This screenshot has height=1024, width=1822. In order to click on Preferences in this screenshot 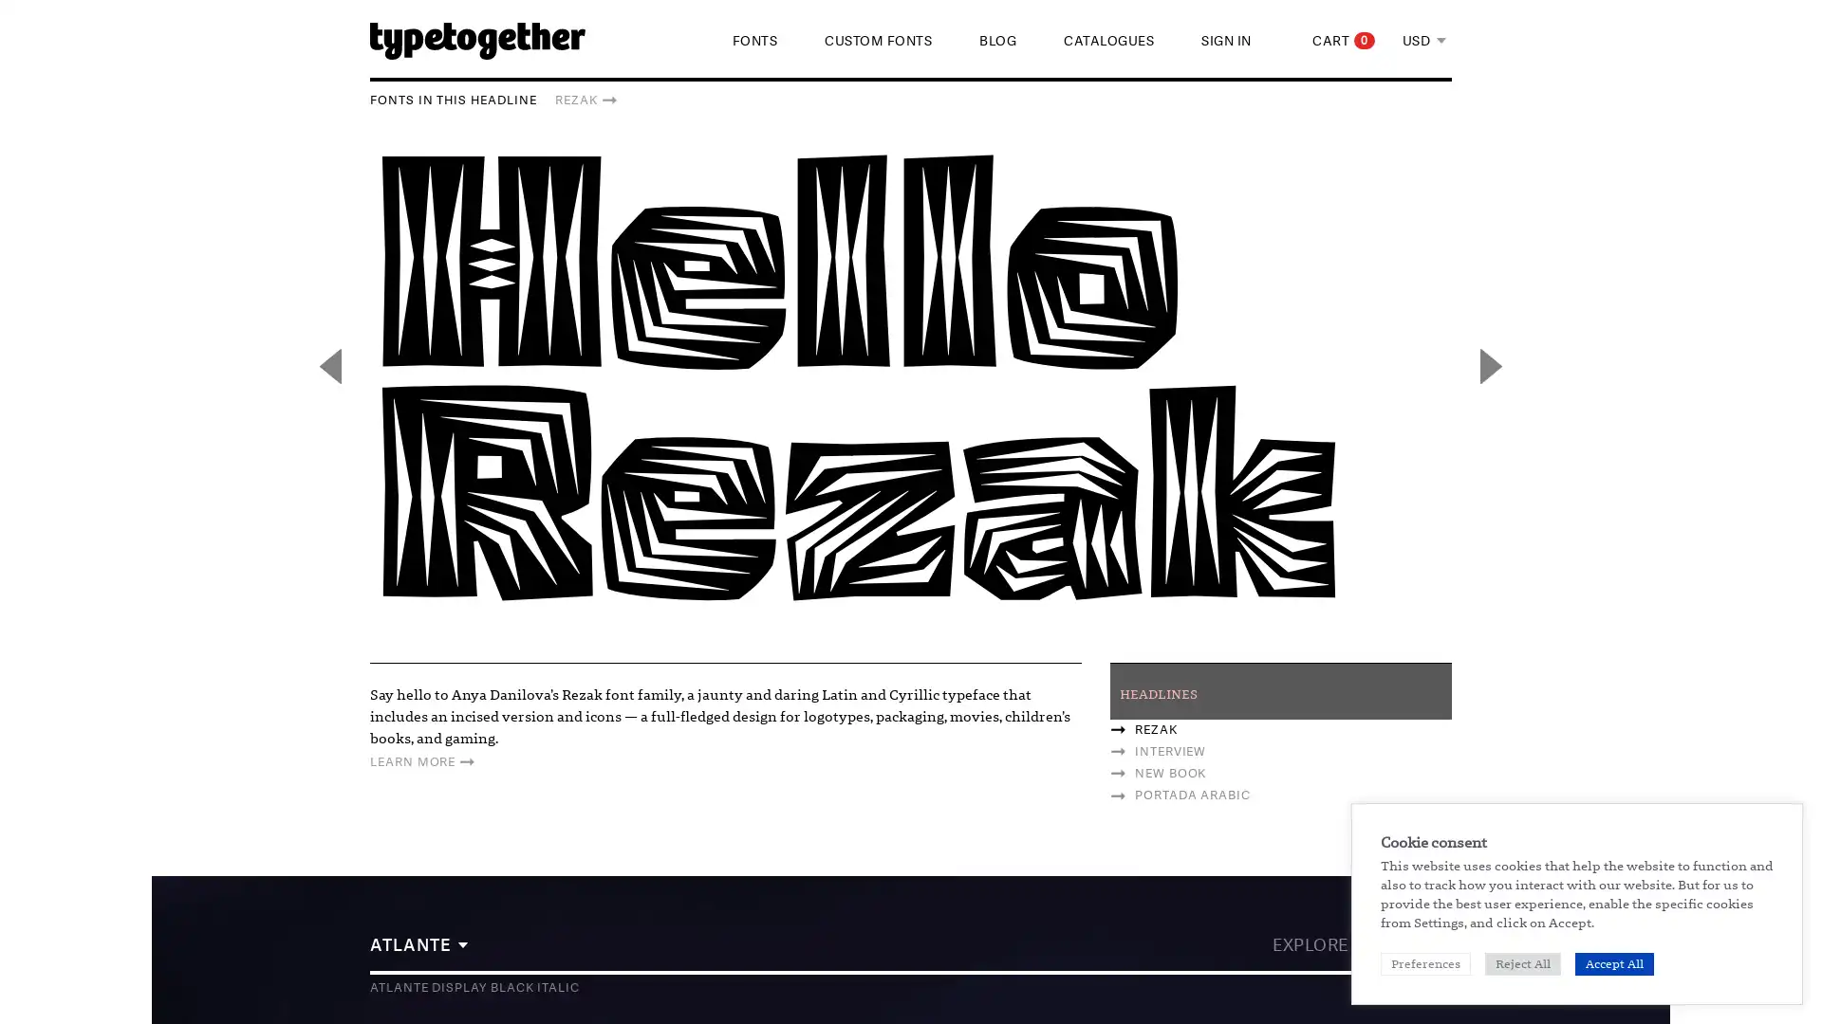, I will do `click(1425, 964)`.